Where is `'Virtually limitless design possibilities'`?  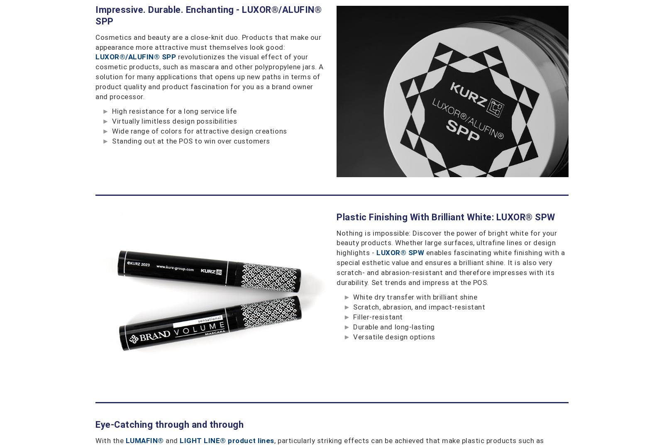
'Virtually limitless design possibilities' is located at coordinates (174, 121).